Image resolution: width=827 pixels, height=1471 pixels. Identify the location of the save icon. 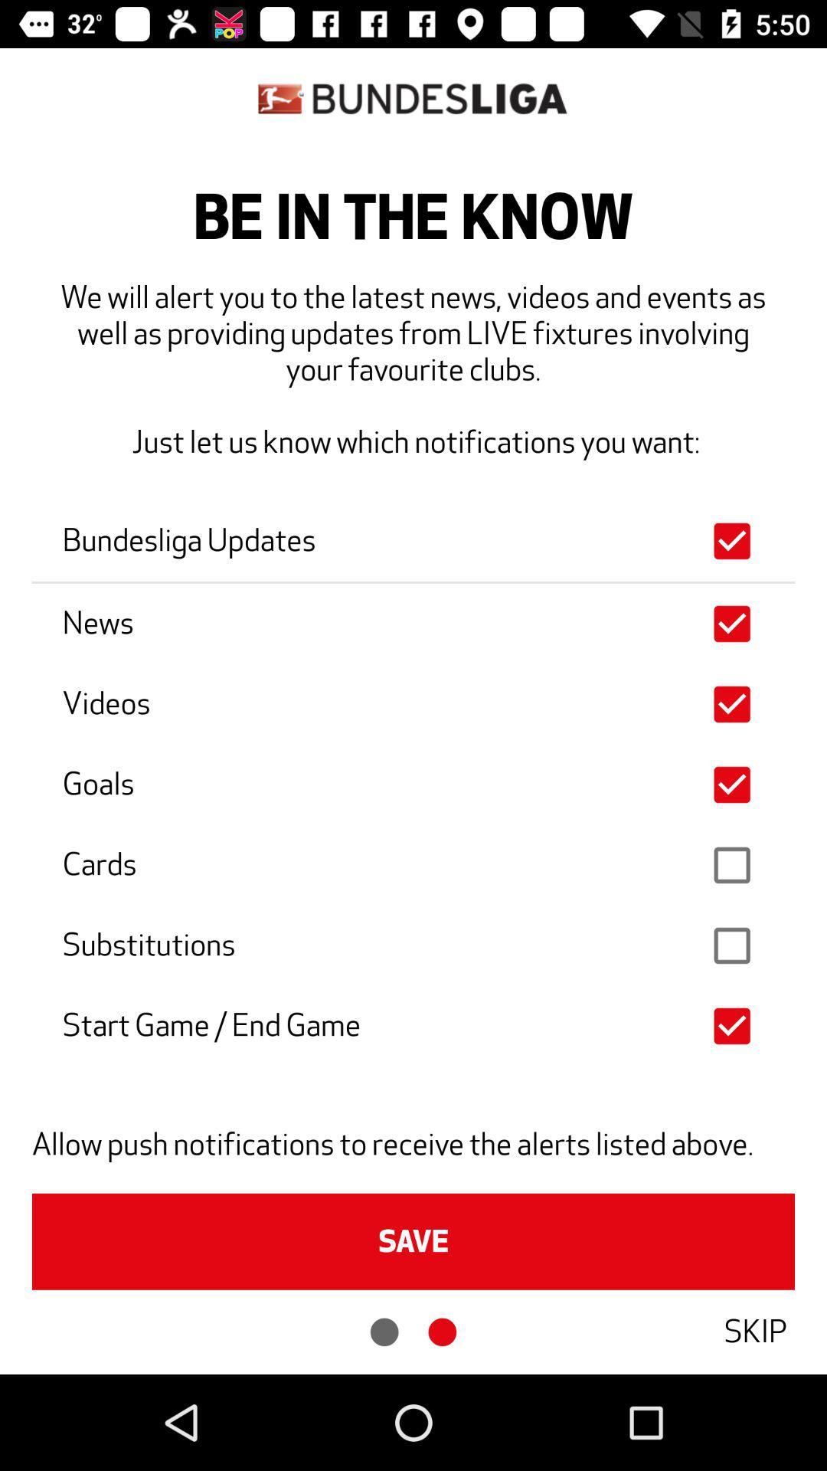
(413, 1241).